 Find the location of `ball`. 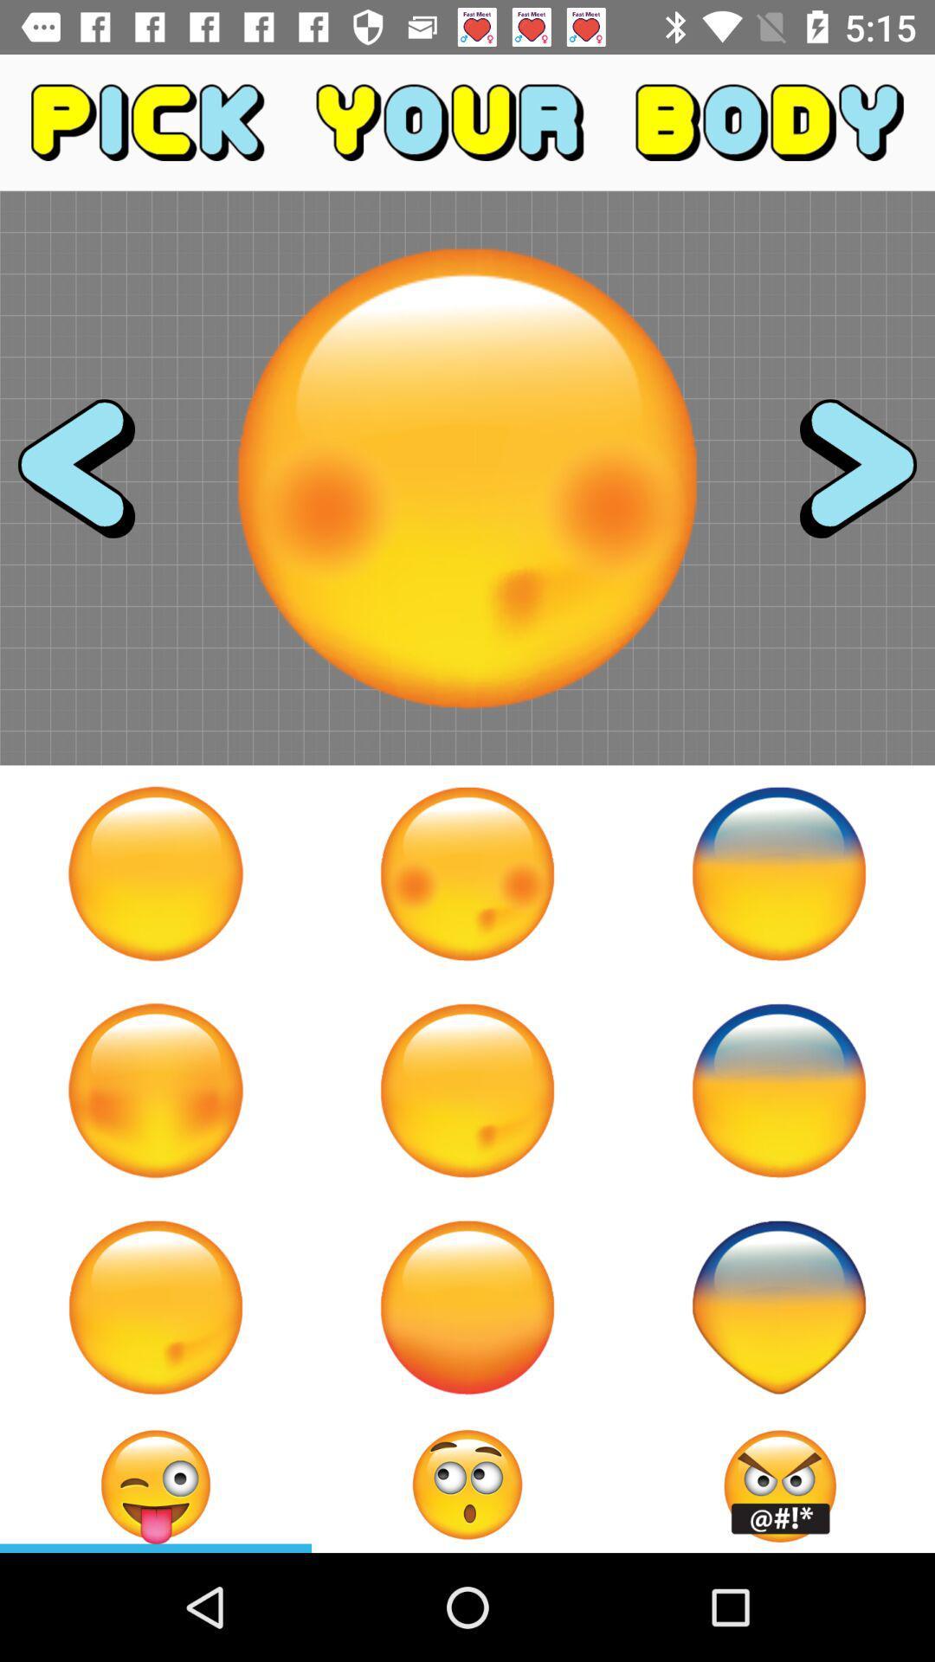

ball is located at coordinates (156, 1089).